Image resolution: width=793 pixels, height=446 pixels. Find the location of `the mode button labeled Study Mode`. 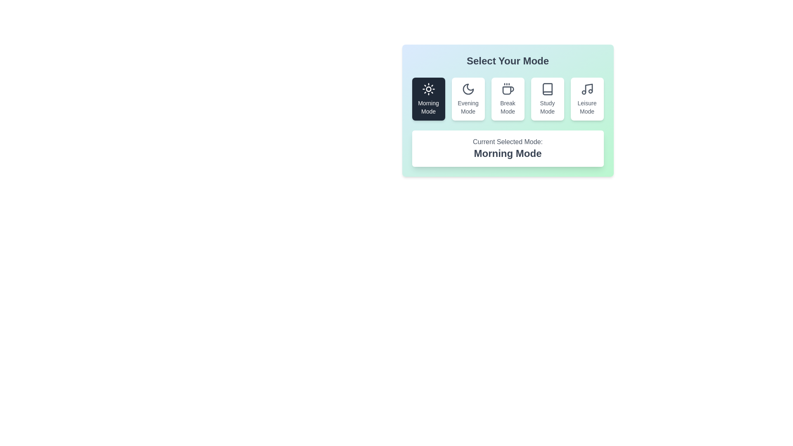

the mode button labeled Study Mode is located at coordinates (547, 98).